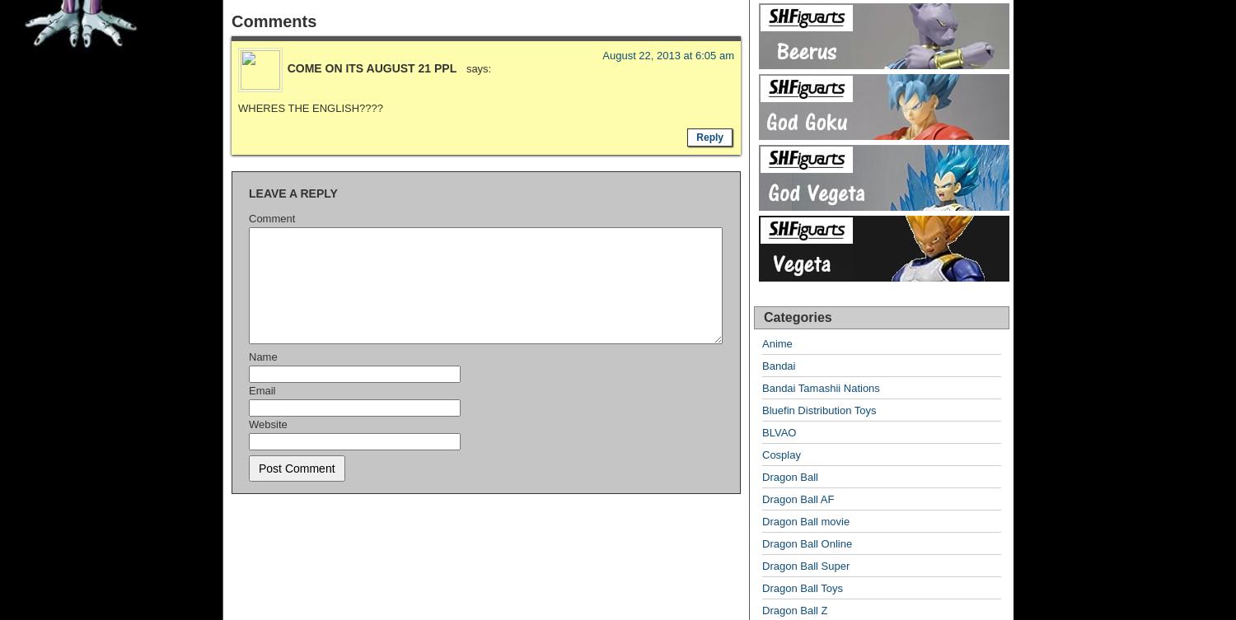 Image resolution: width=1236 pixels, height=620 pixels. What do you see at coordinates (776, 343) in the screenshot?
I see `'Anime'` at bounding box center [776, 343].